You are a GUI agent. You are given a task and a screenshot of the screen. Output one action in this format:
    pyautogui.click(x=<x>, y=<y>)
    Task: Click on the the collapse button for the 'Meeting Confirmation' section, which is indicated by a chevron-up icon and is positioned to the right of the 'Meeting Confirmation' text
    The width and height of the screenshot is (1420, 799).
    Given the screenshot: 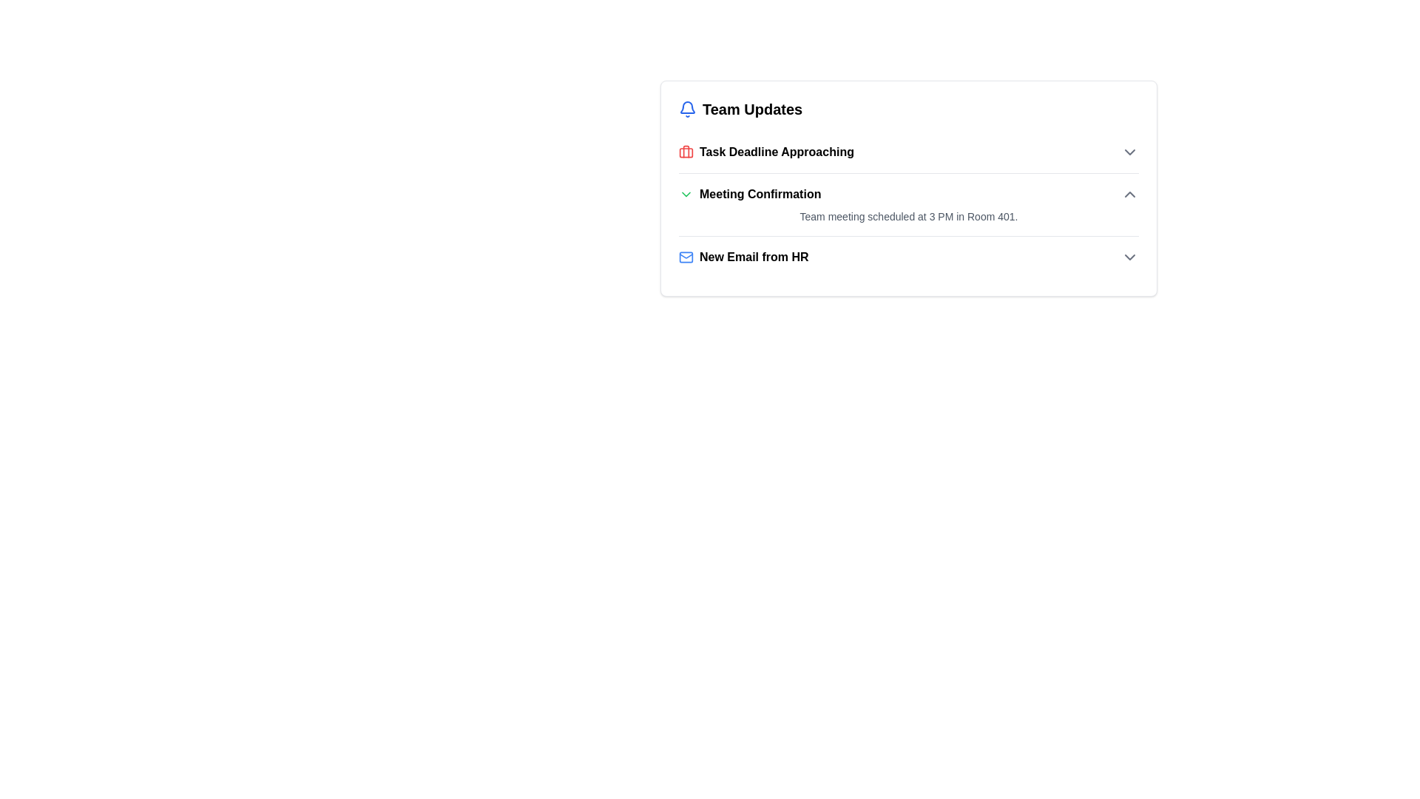 What is the action you would take?
    pyautogui.click(x=1129, y=193)
    